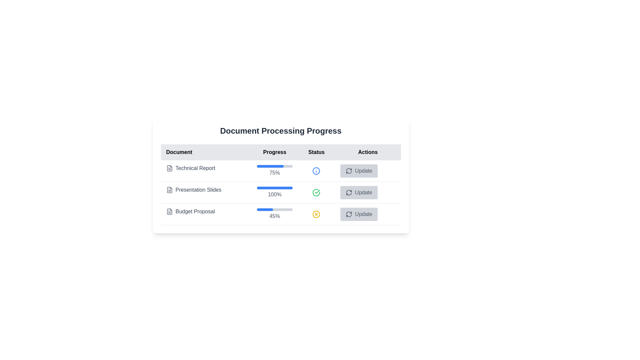  Describe the element at coordinates (275, 194) in the screenshot. I see `the text label that reads '100%' in gray font, which is centrally aligned and located under the blue progress bar in the 'Progress' column of the second row for 'Presentation Slides'` at that location.